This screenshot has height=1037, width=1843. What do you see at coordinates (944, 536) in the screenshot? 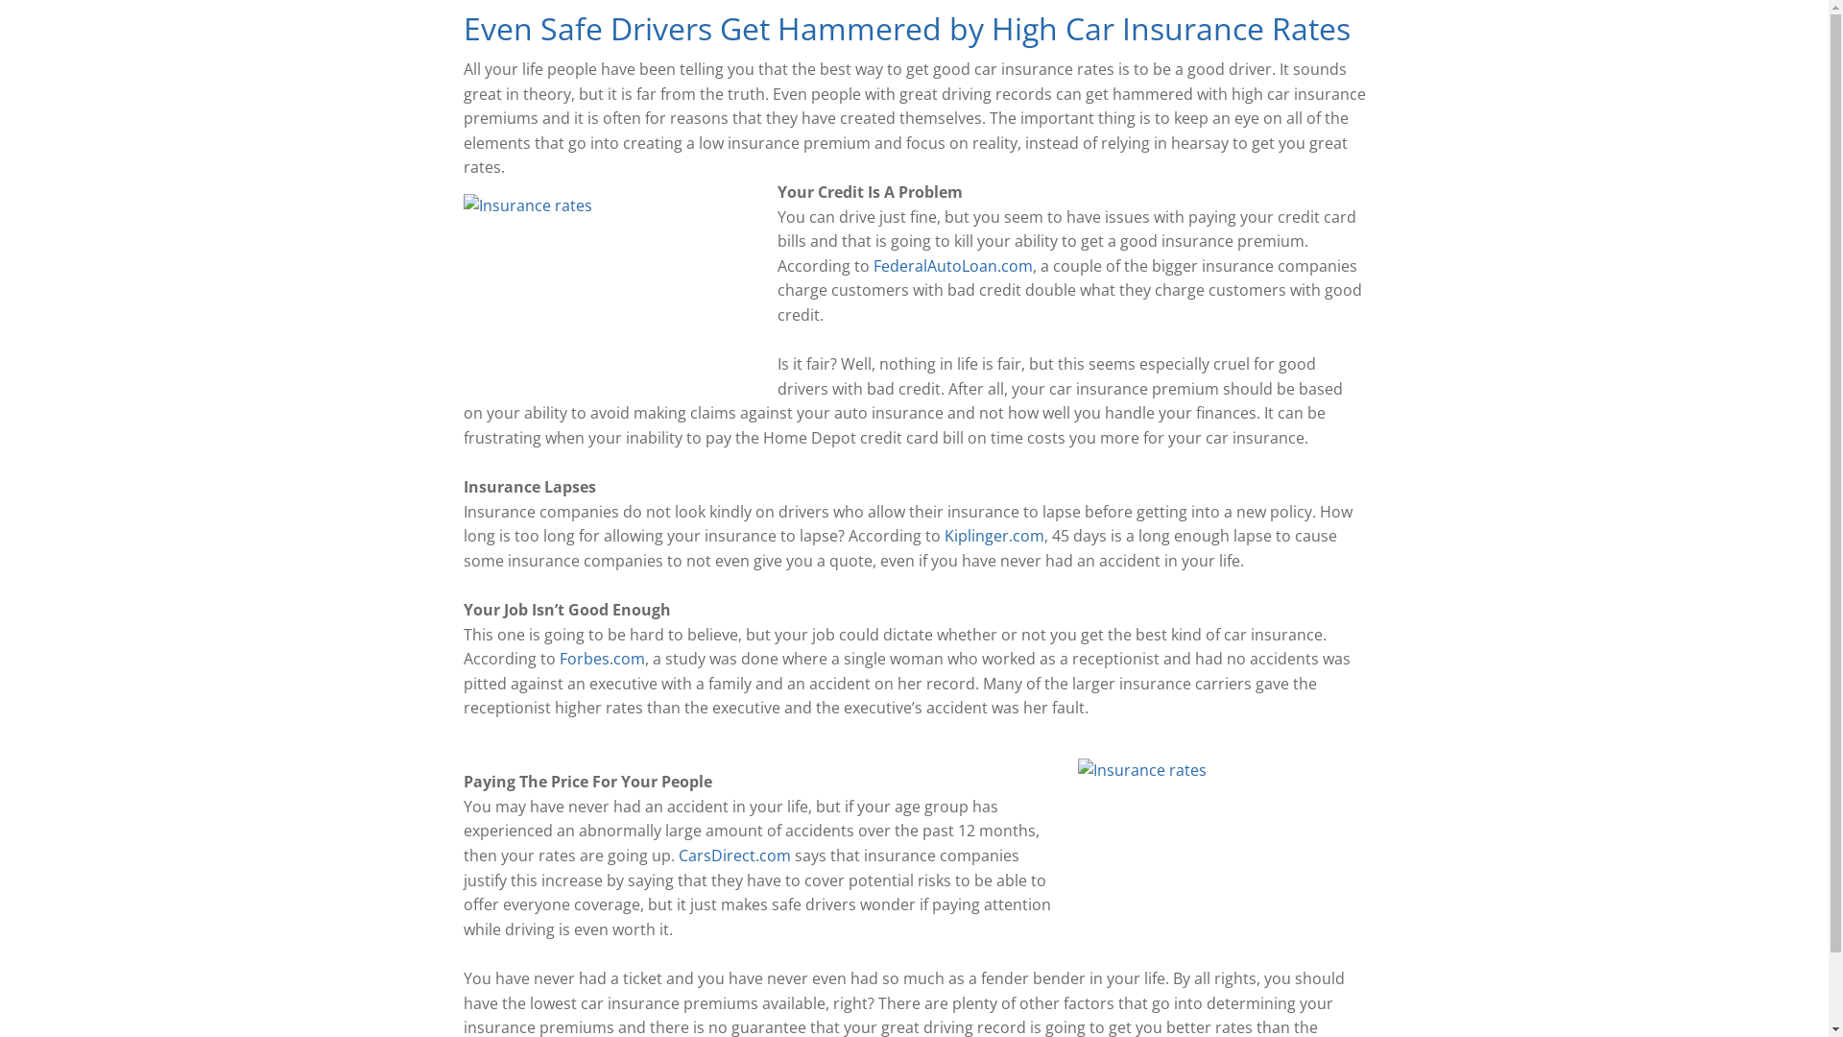
I see `'Kiplinger.com'` at bounding box center [944, 536].